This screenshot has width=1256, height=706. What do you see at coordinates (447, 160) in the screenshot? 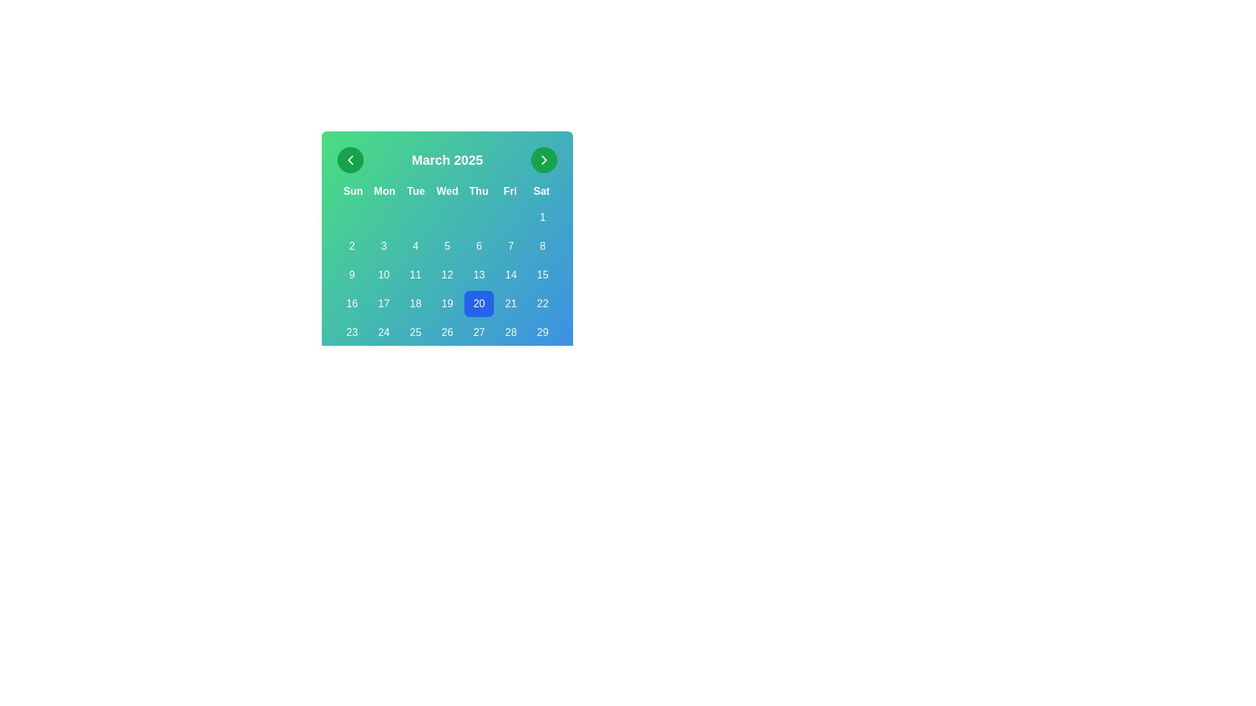
I see `displayed date information from the label showing the currently selected month and year in the central header section of the calendar` at bounding box center [447, 160].